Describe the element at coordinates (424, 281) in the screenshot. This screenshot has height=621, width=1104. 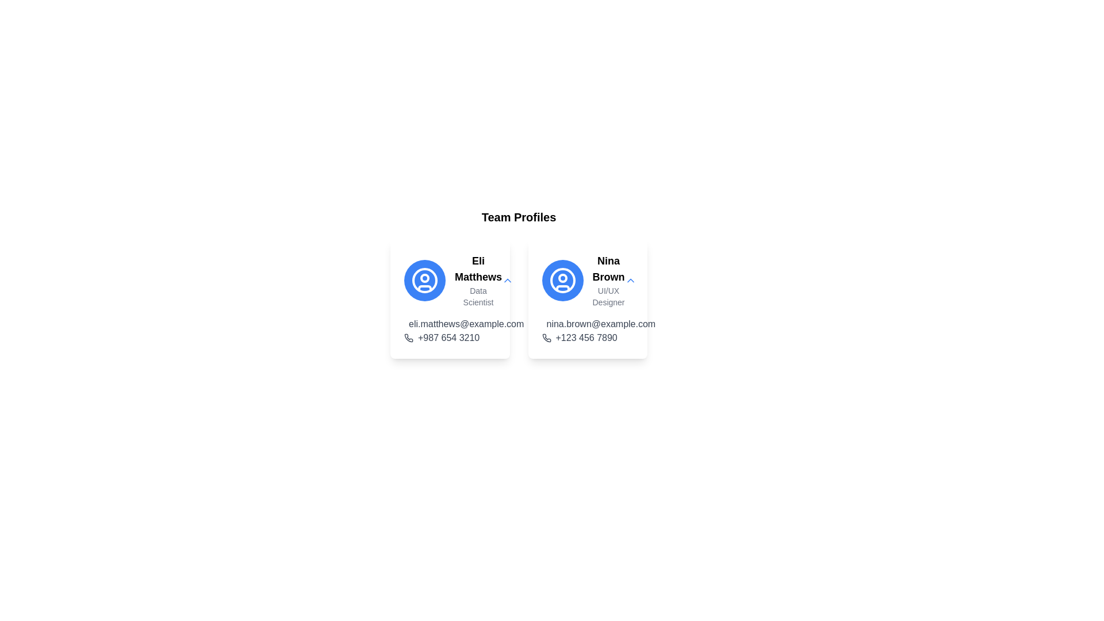
I see `the circular blue icon with a white outline located above the text 'Eli Matthews' in the left profile card under the 'Team Profiles' section` at that location.